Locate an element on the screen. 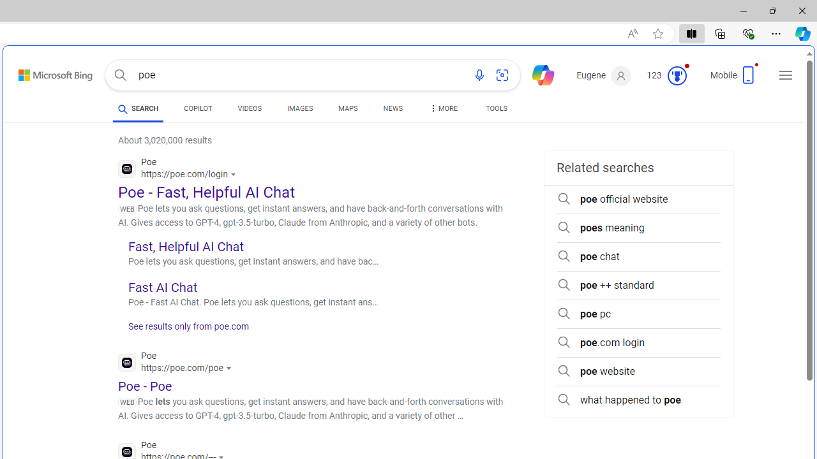  'poe pc' is located at coordinates (638, 314).